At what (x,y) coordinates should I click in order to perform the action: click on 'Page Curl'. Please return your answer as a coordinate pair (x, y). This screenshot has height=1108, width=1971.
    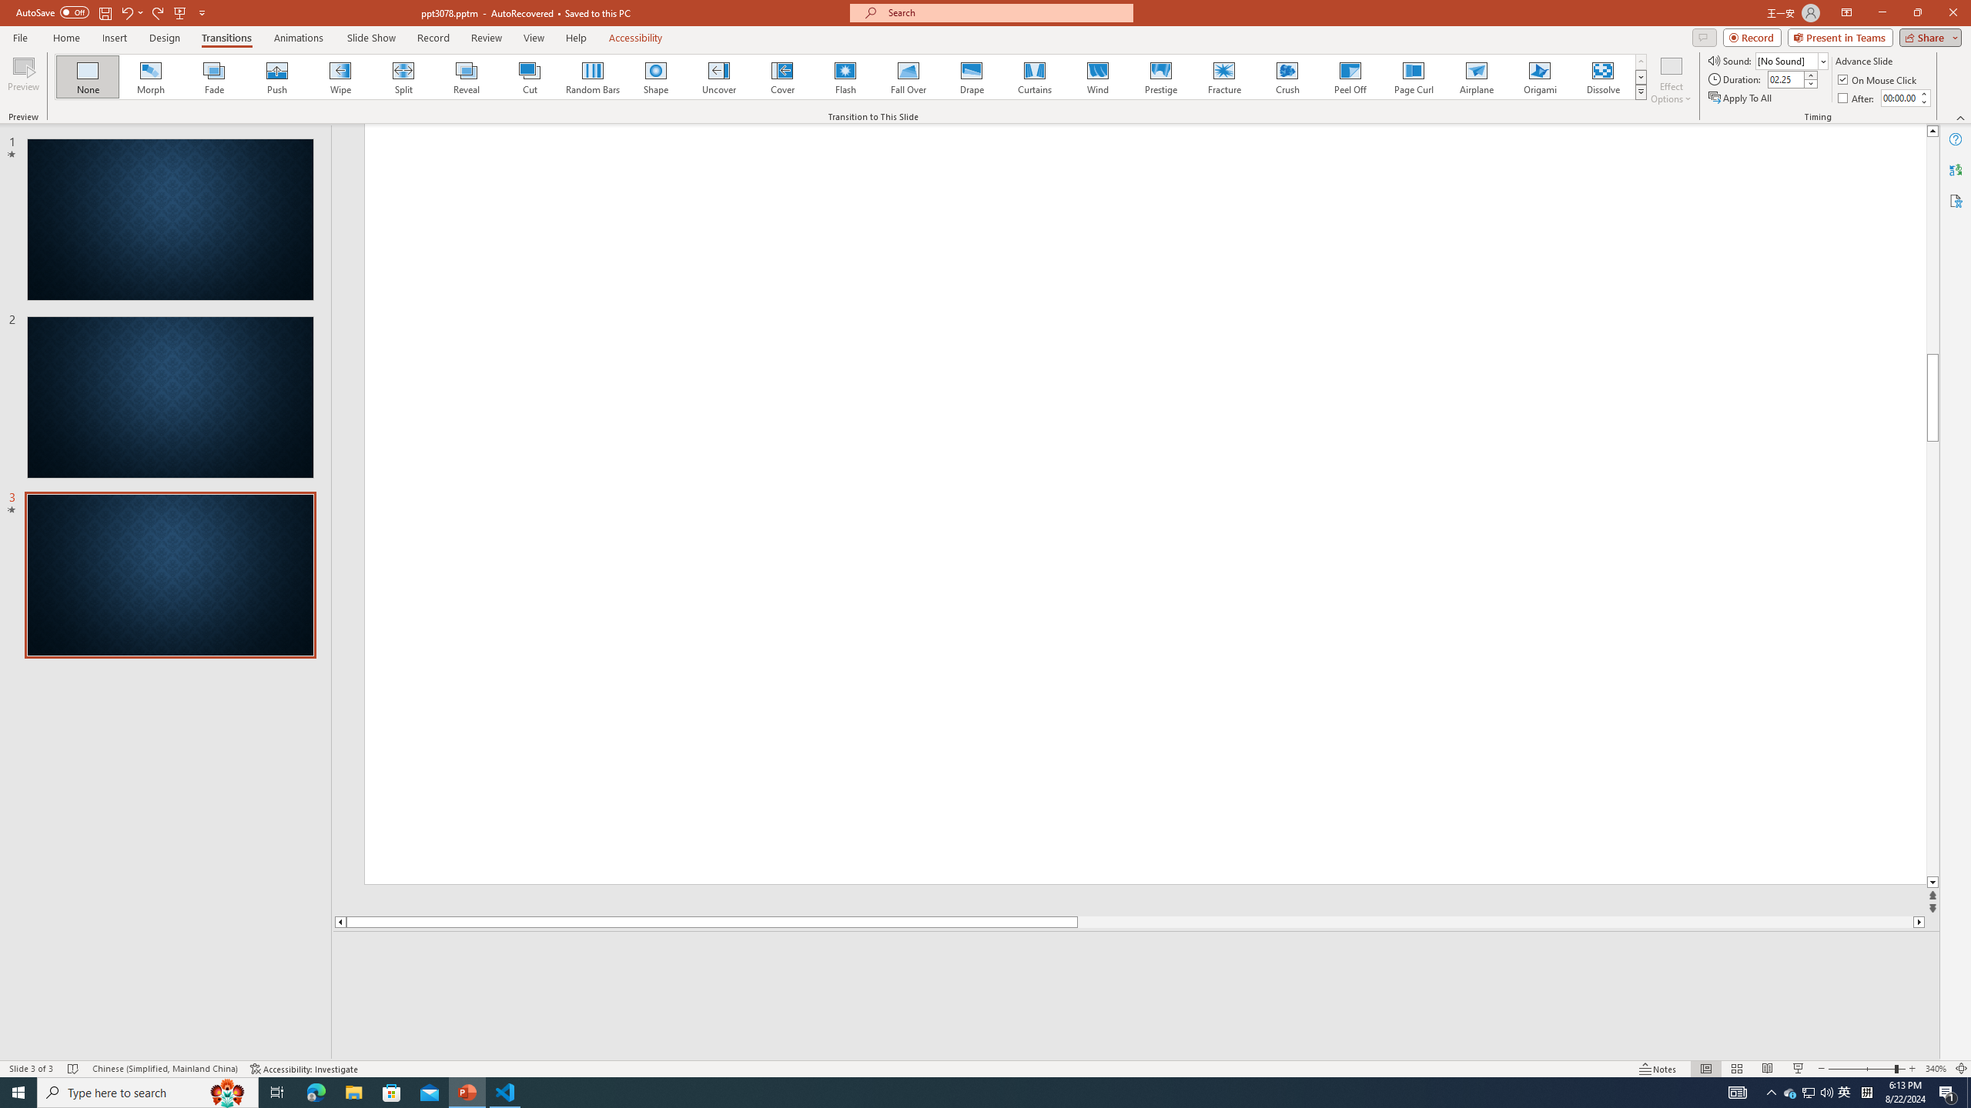
    Looking at the image, I should click on (1412, 76).